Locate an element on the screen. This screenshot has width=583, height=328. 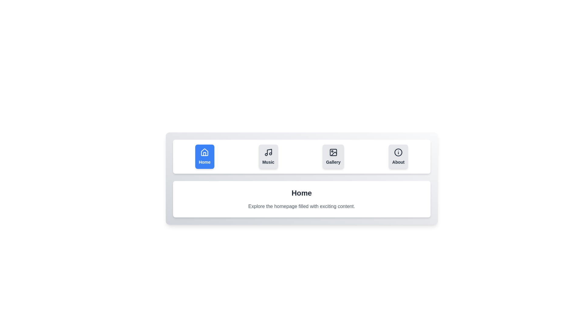
the tab button labeled About is located at coordinates (398, 156).